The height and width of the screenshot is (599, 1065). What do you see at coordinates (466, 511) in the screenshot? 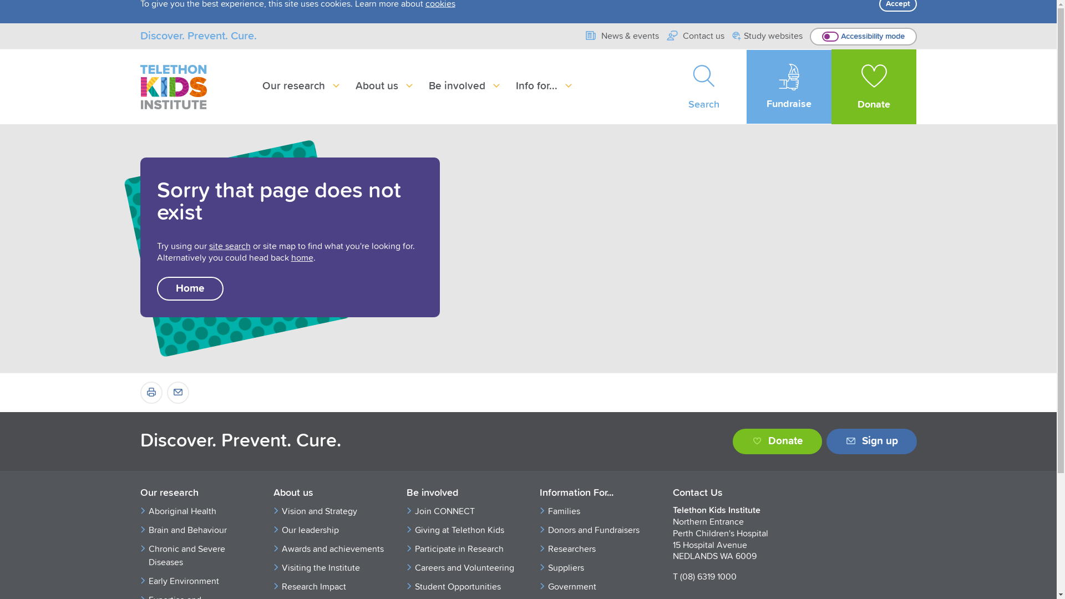
I see `'Join CONNECT'` at bounding box center [466, 511].